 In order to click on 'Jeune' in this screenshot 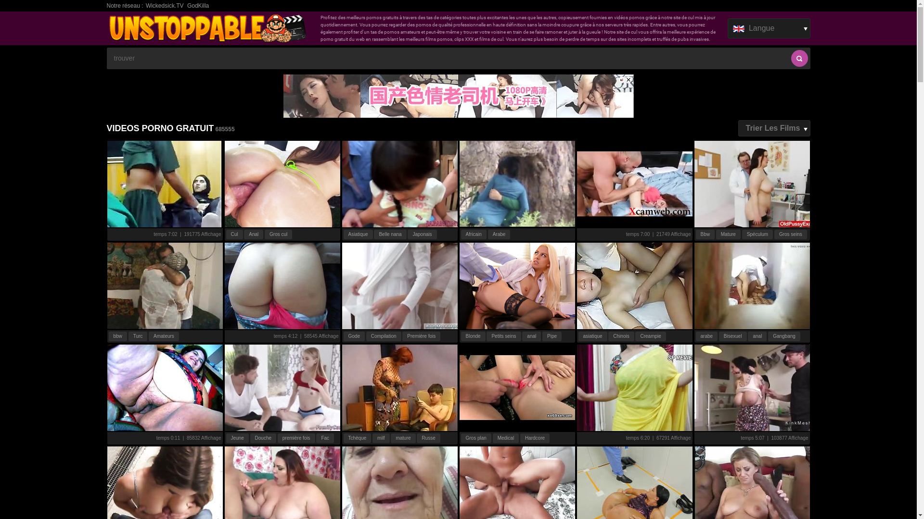, I will do `click(237, 438)`.